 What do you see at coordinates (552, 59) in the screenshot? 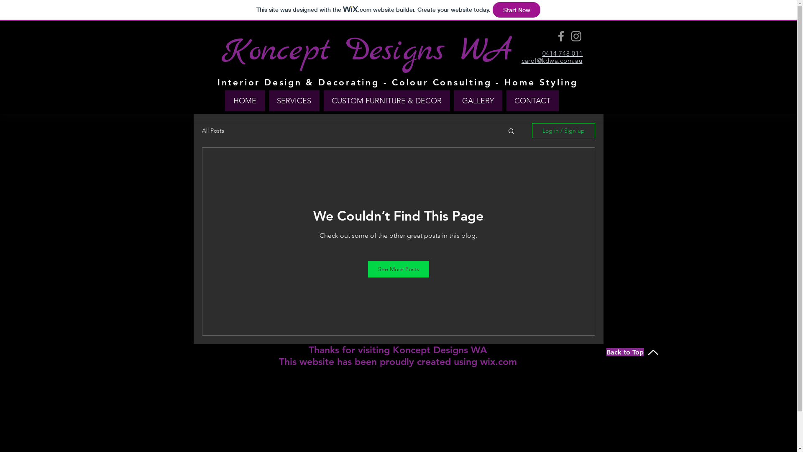
I see `'carol@kdwa.com.au'` at bounding box center [552, 59].